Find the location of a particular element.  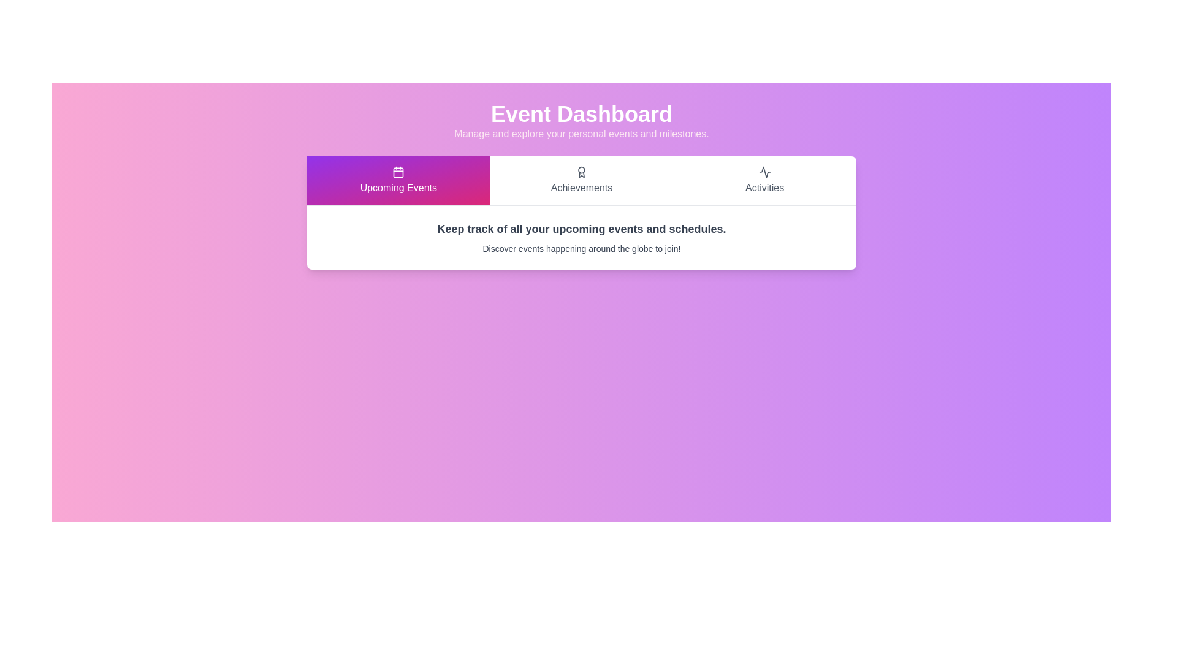

the tab corresponding to Upcoming Events is located at coordinates (398, 180).